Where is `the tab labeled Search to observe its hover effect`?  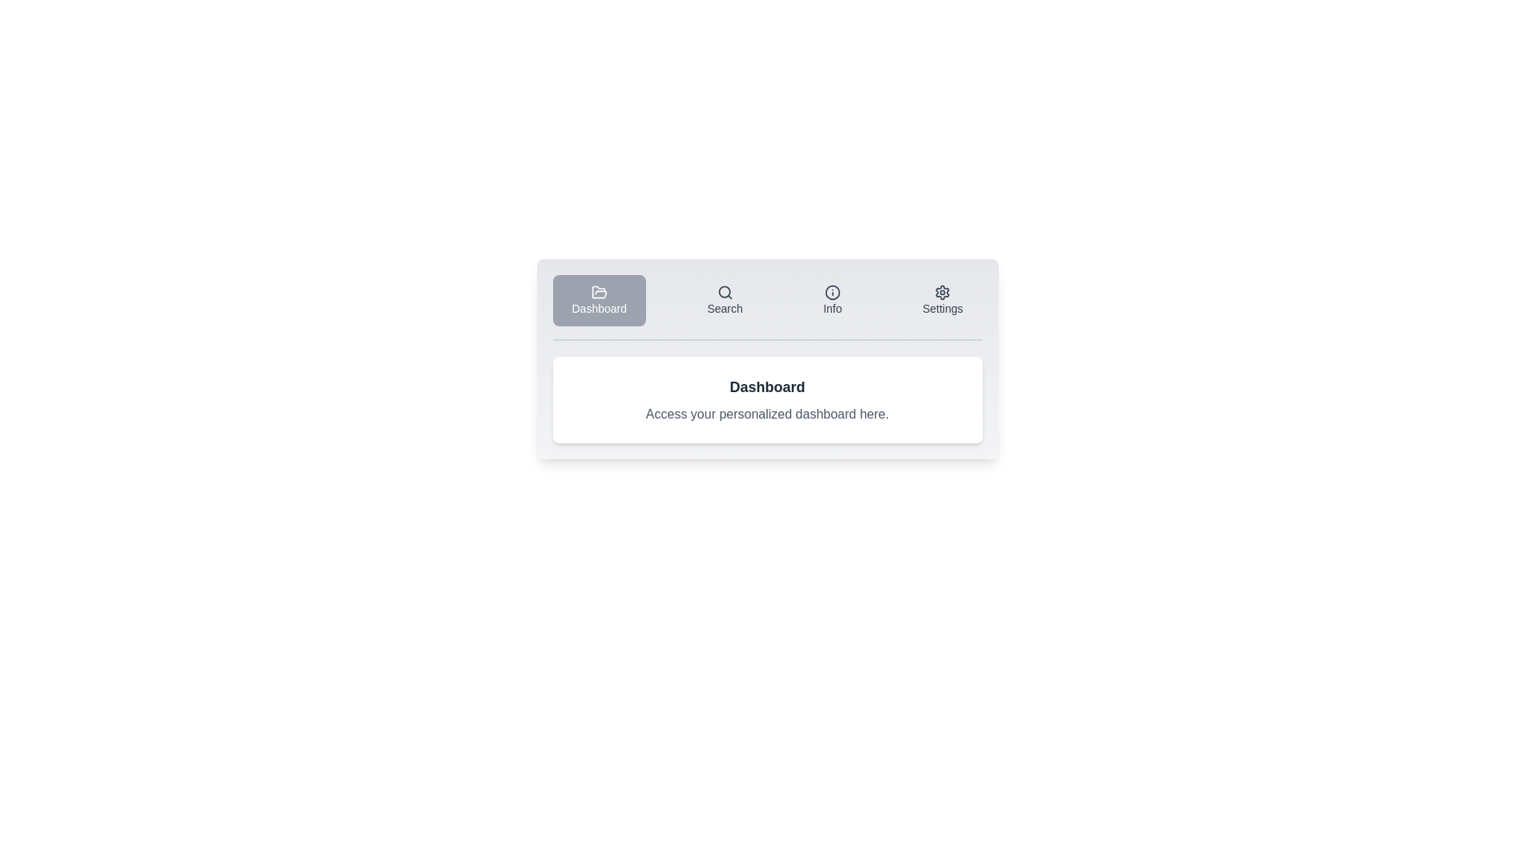
the tab labeled Search to observe its hover effect is located at coordinates (724, 300).